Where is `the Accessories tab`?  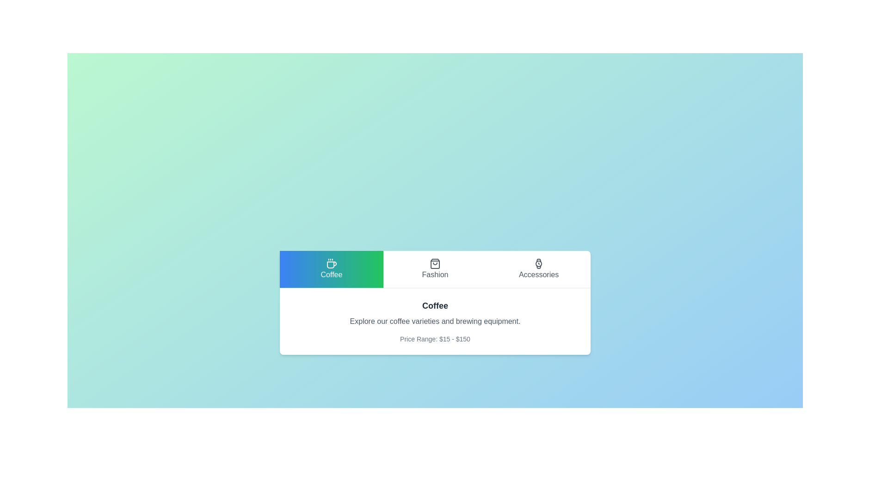
the Accessories tab is located at coordinates (539, 269).